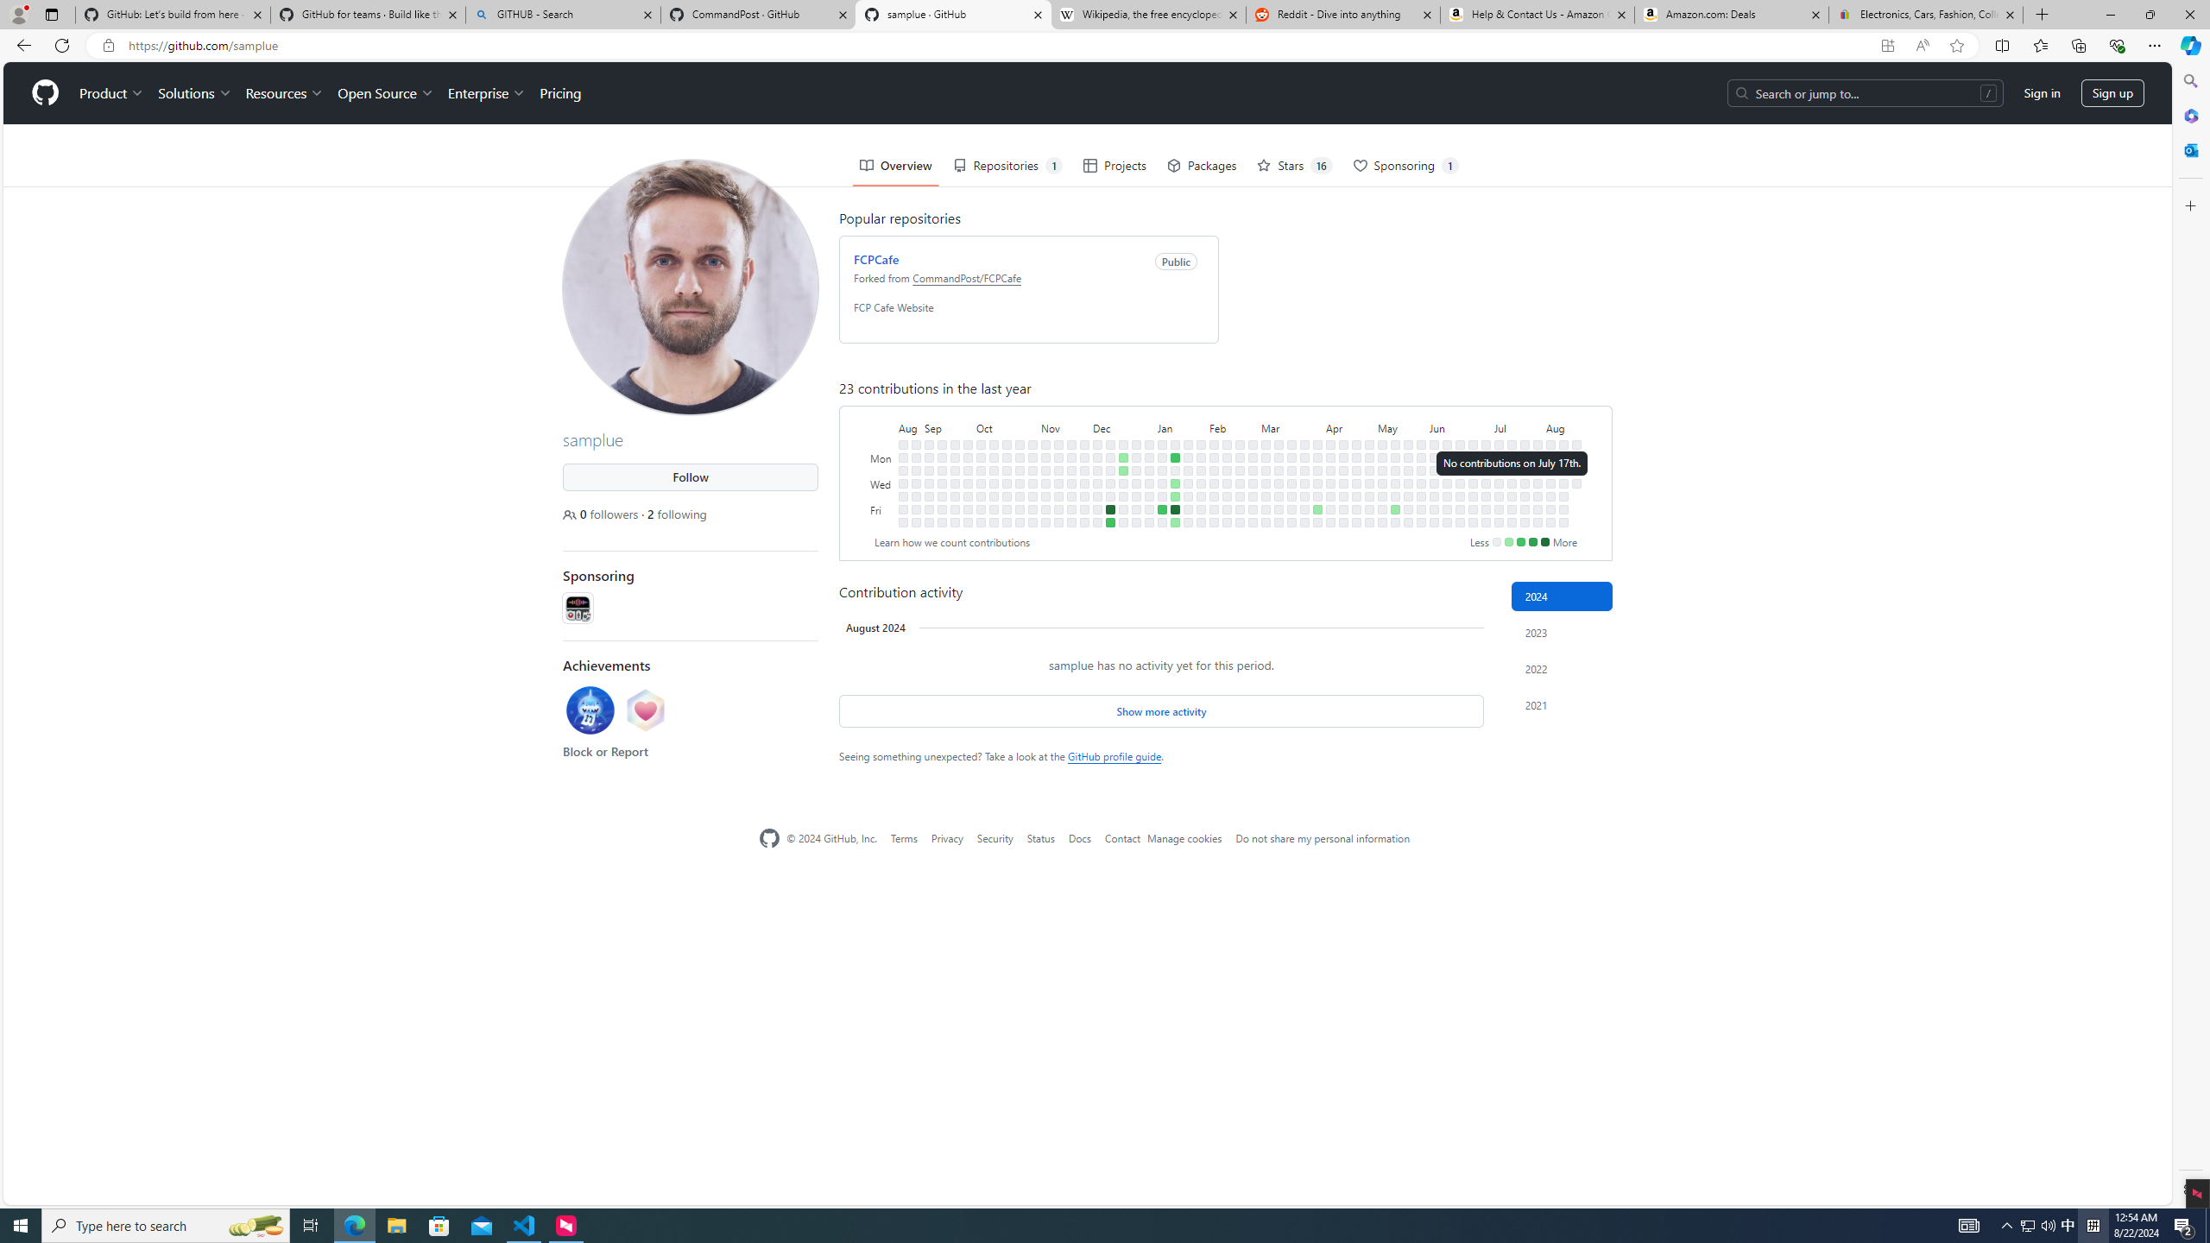 The image size is (2210, 1243). What do you see at coordinates (1122, 495) in the screenshot?
I see `'No contributions on December 21st.'` at bounding box center [1122, 495].